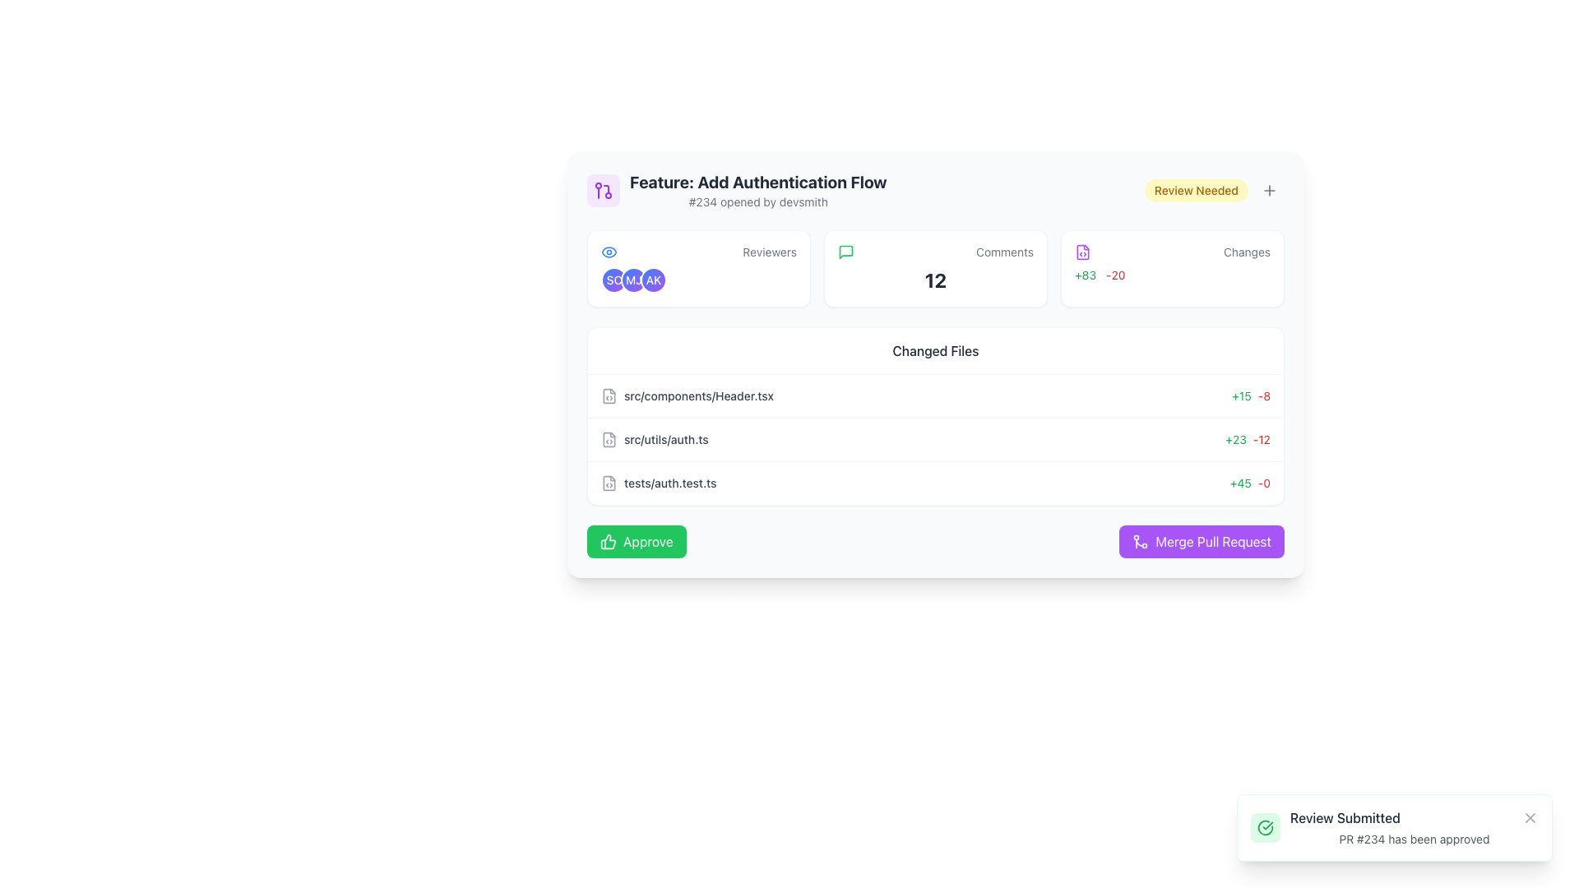  What do you see at coordinates (935, 439) in the screenshot?
I see `the second file entry` at bounding box center [935, 439].